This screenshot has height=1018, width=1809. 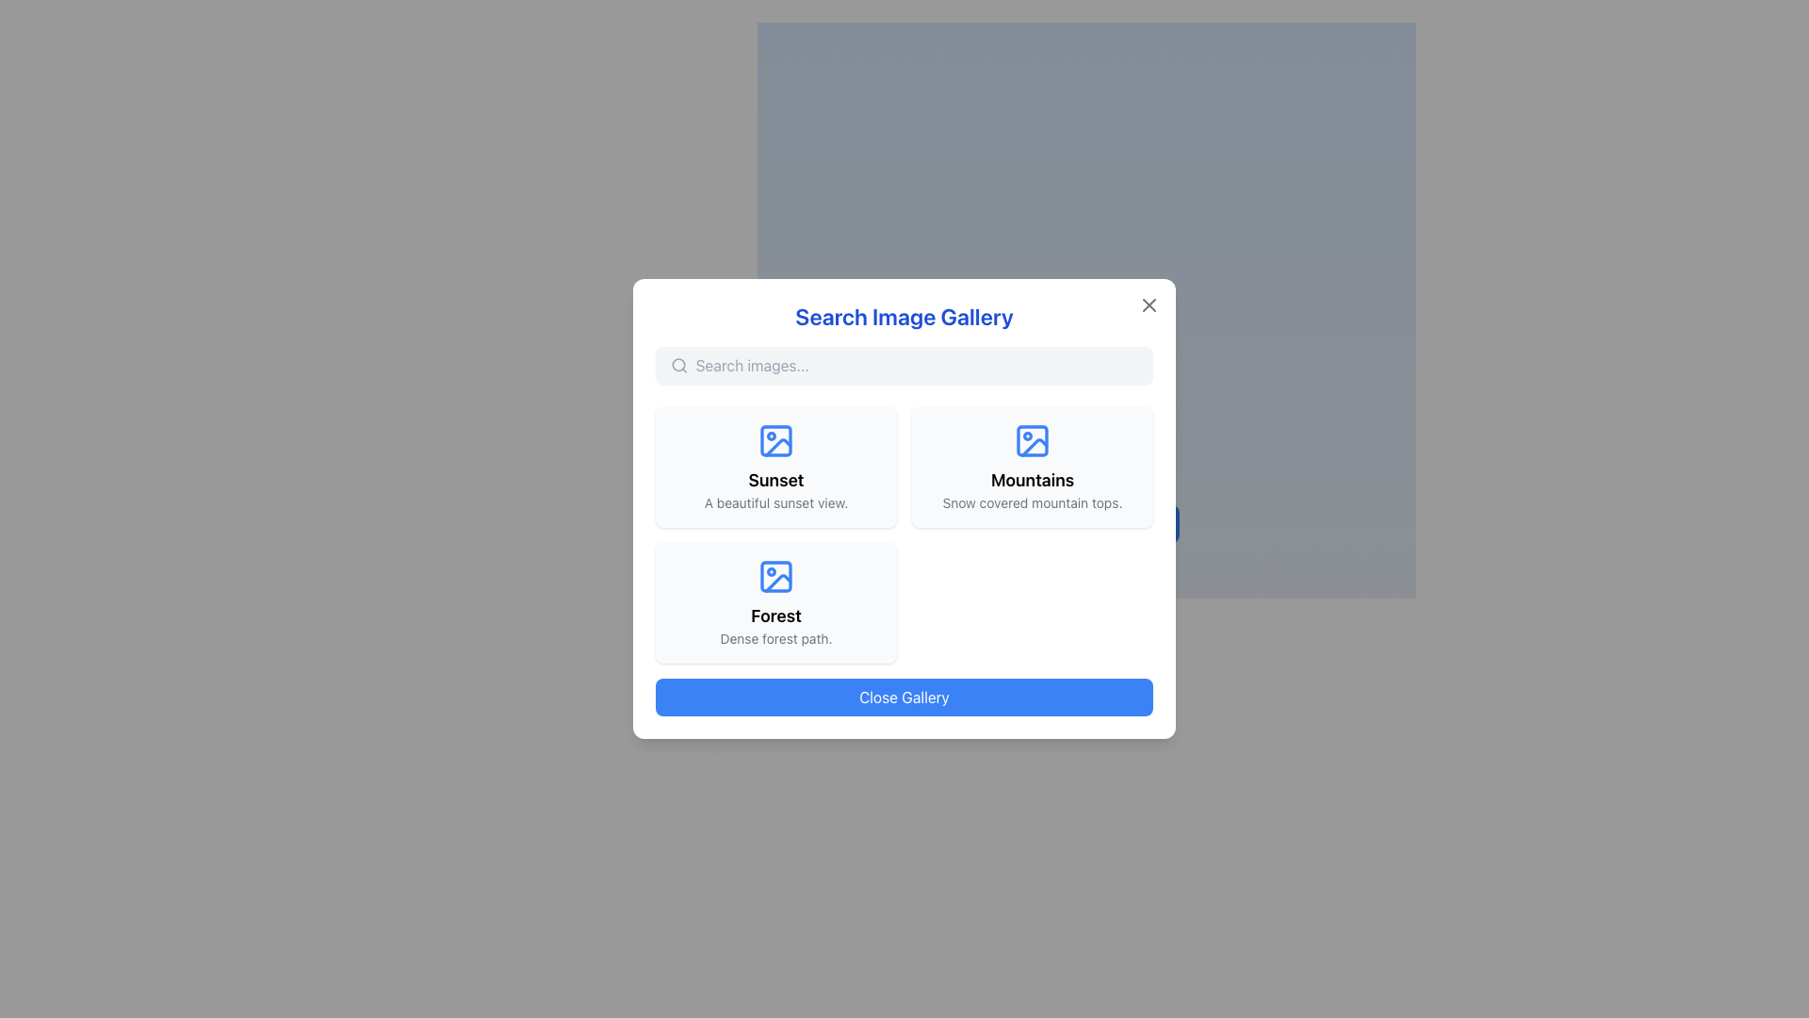 What do you see at coordinates (776, 440) in the screenshot?
I see `the decorative shape within the icon that represents the 'Sunset' label, located in the top-left corner of the 'Search Image Gallery' modal` at bounding box center [776, 440].